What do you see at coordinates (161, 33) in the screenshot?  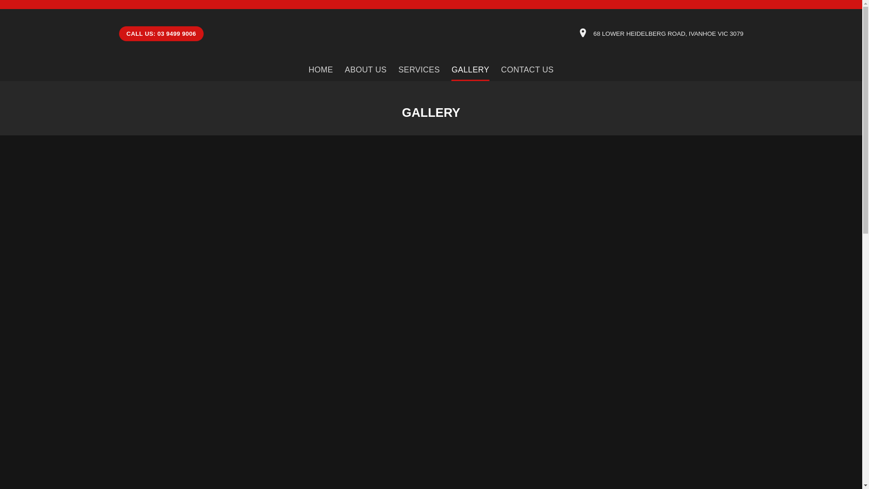 I see `'CALL US: 03 9499 9006'` at bounding box center [161, 33].